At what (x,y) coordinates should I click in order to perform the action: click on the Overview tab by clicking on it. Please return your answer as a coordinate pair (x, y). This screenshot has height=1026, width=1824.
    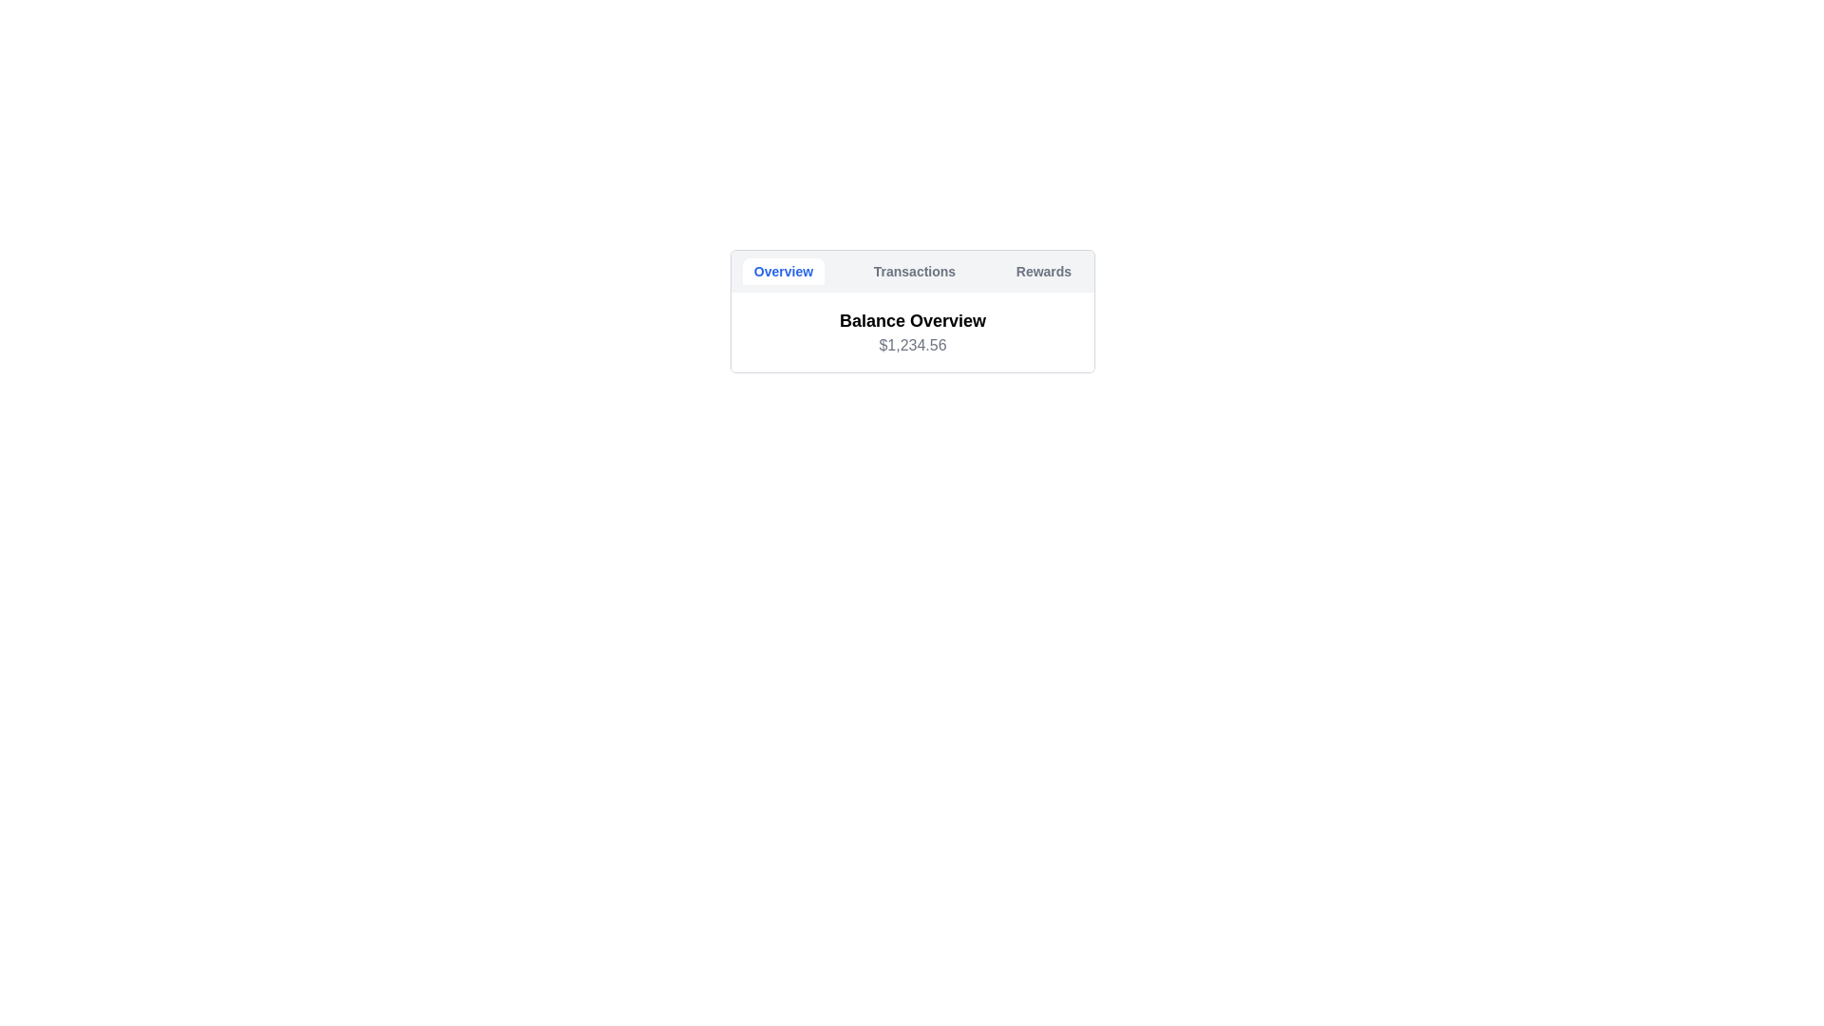
    Looking at the image, I should click on (784, 271).